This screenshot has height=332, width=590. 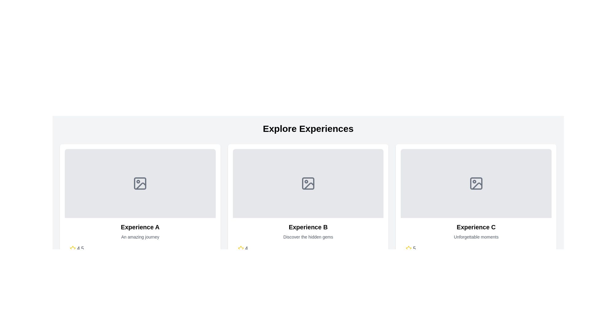 I want to click on the Decorative SVG graphic located at the center of the image placeholder in the rightmost content card of a horizontally aligned collection of three cards, so click(x=477, y=186).